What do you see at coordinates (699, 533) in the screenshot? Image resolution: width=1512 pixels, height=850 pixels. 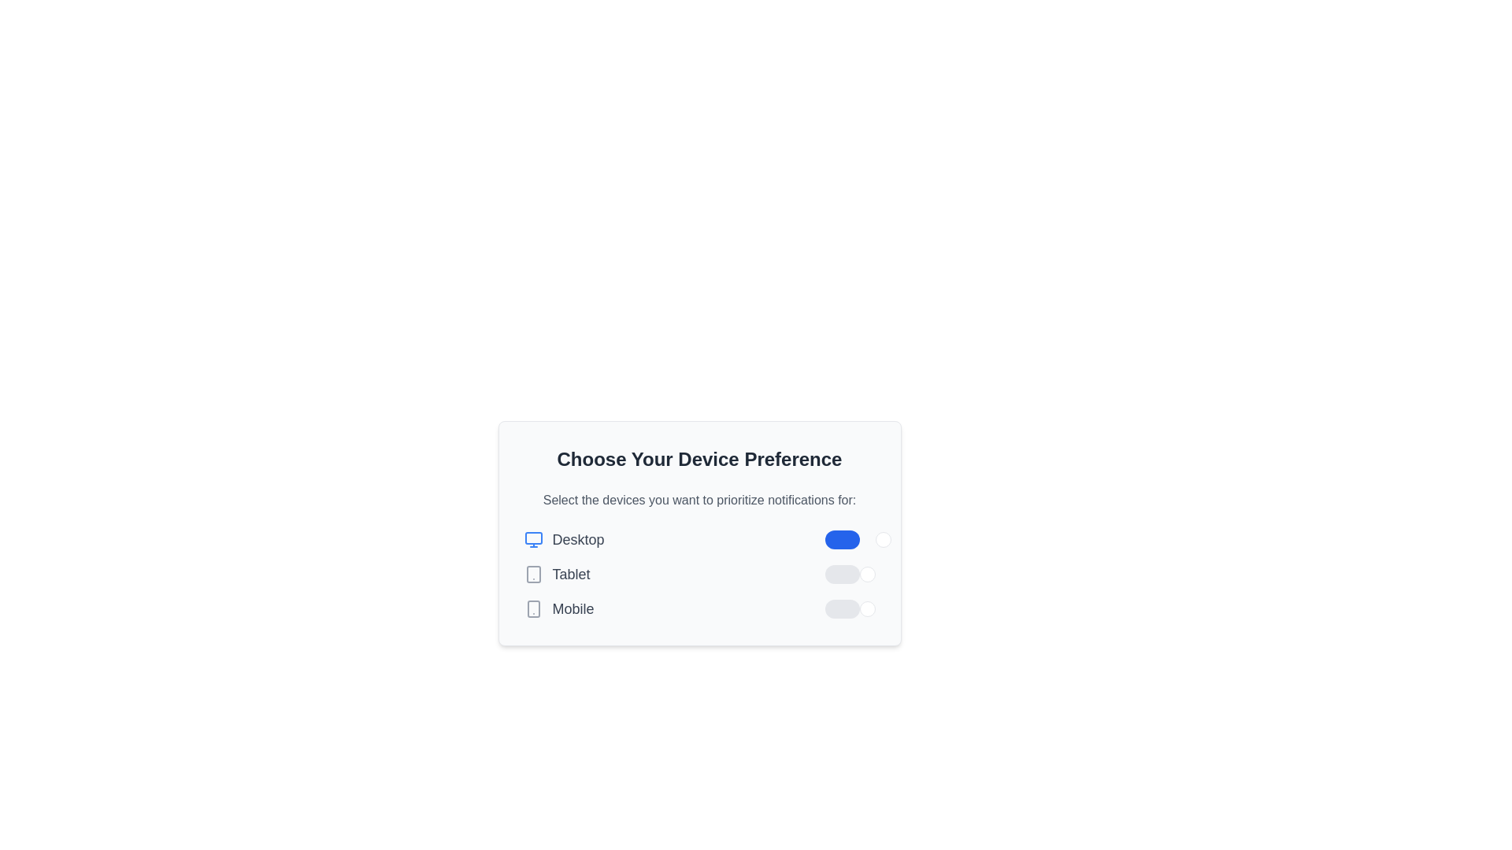 I see `descriptions and headings within the Card containing interactive toggle switches to understand the purpose of the notification preferences` at bounding box center [699, 533].